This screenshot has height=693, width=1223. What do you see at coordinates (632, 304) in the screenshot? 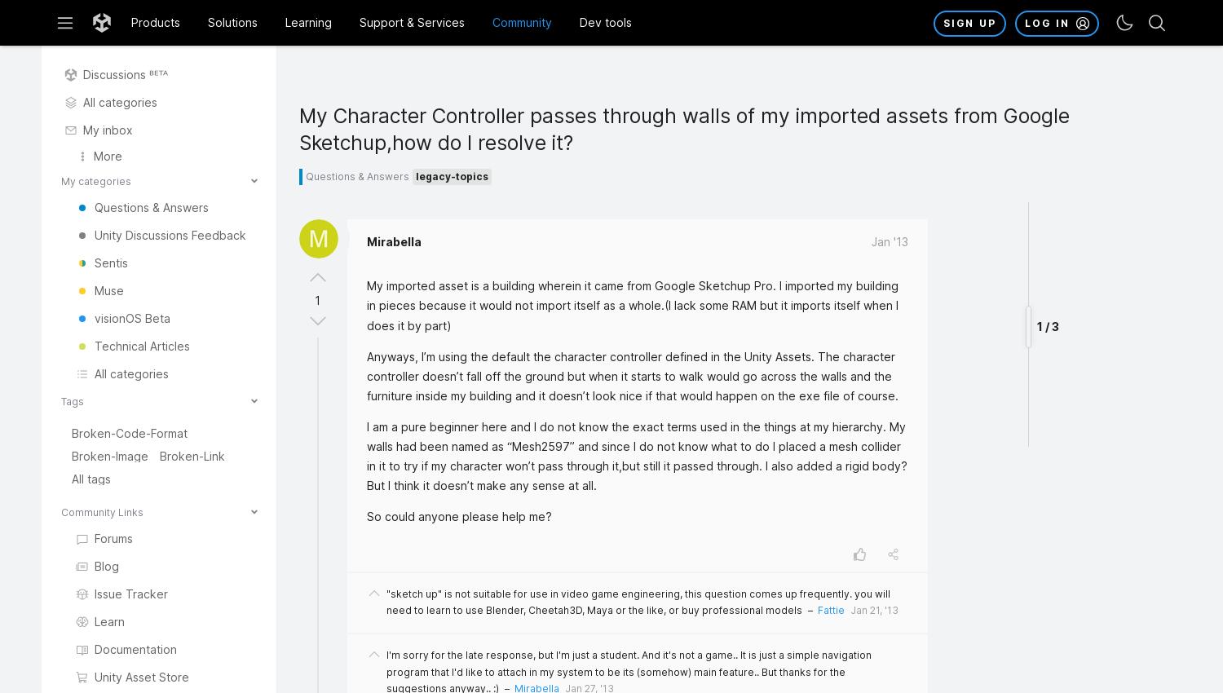
I see `'My imported asset is a building wherein it came from Google Sketchup Pro. I imported my building in pieces because it would not import itself as a whole.(I lack some RAM but it imports itself when I does it by part)'` at bounding box center [632, 304].